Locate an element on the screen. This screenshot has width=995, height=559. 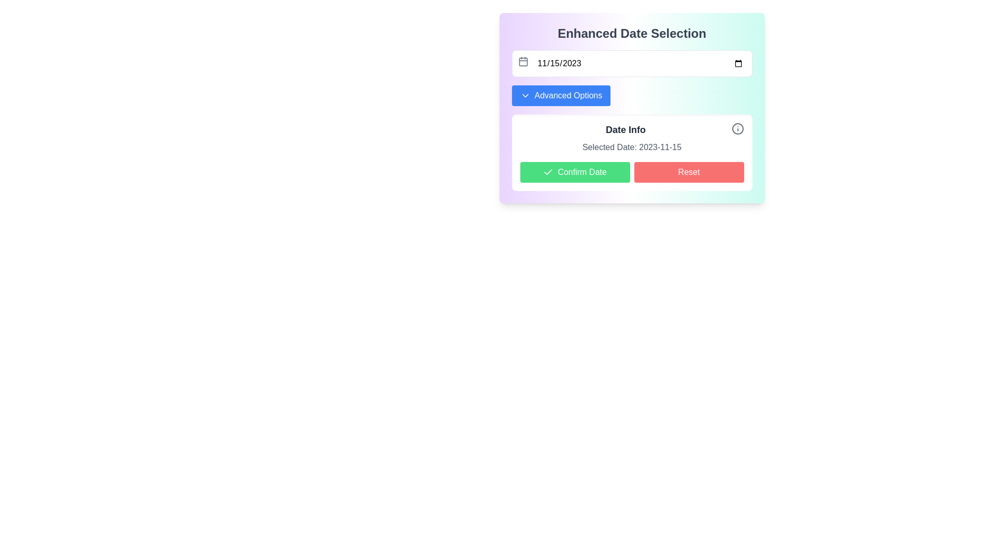
the circular element at its center is located at coordinates (737, 128).